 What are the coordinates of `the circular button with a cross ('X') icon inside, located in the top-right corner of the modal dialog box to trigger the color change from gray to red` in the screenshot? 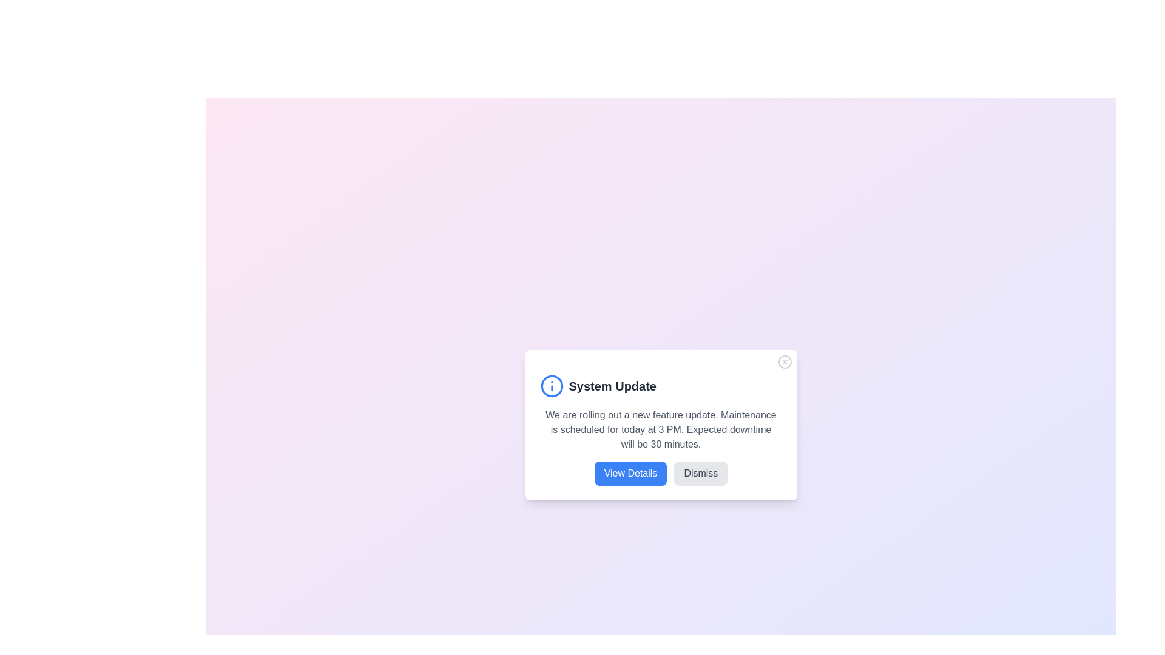 It's located at (785, 361).